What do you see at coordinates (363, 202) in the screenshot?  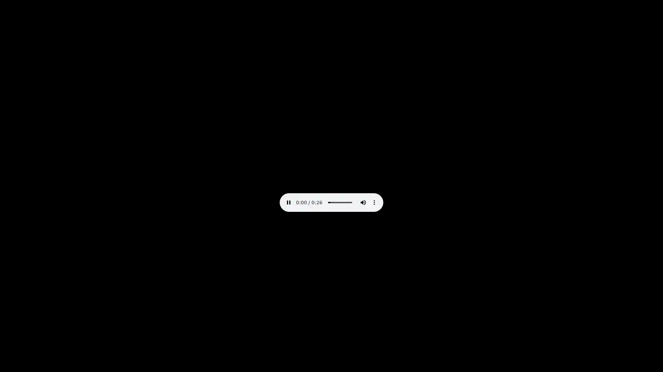 I see `mute` at bounding box center [363, 202].